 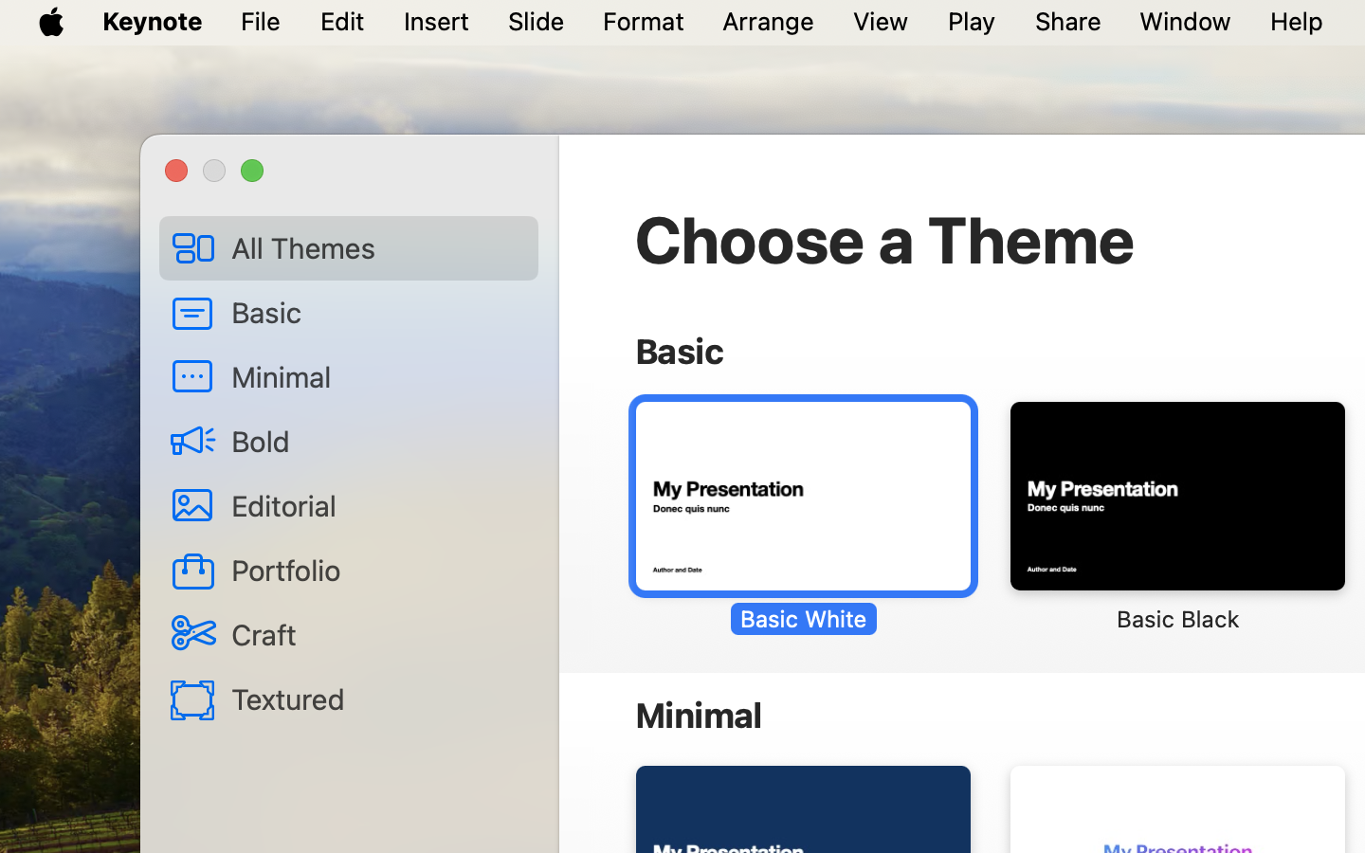 I want to click on 'Textured', so click(x=376, y=698).